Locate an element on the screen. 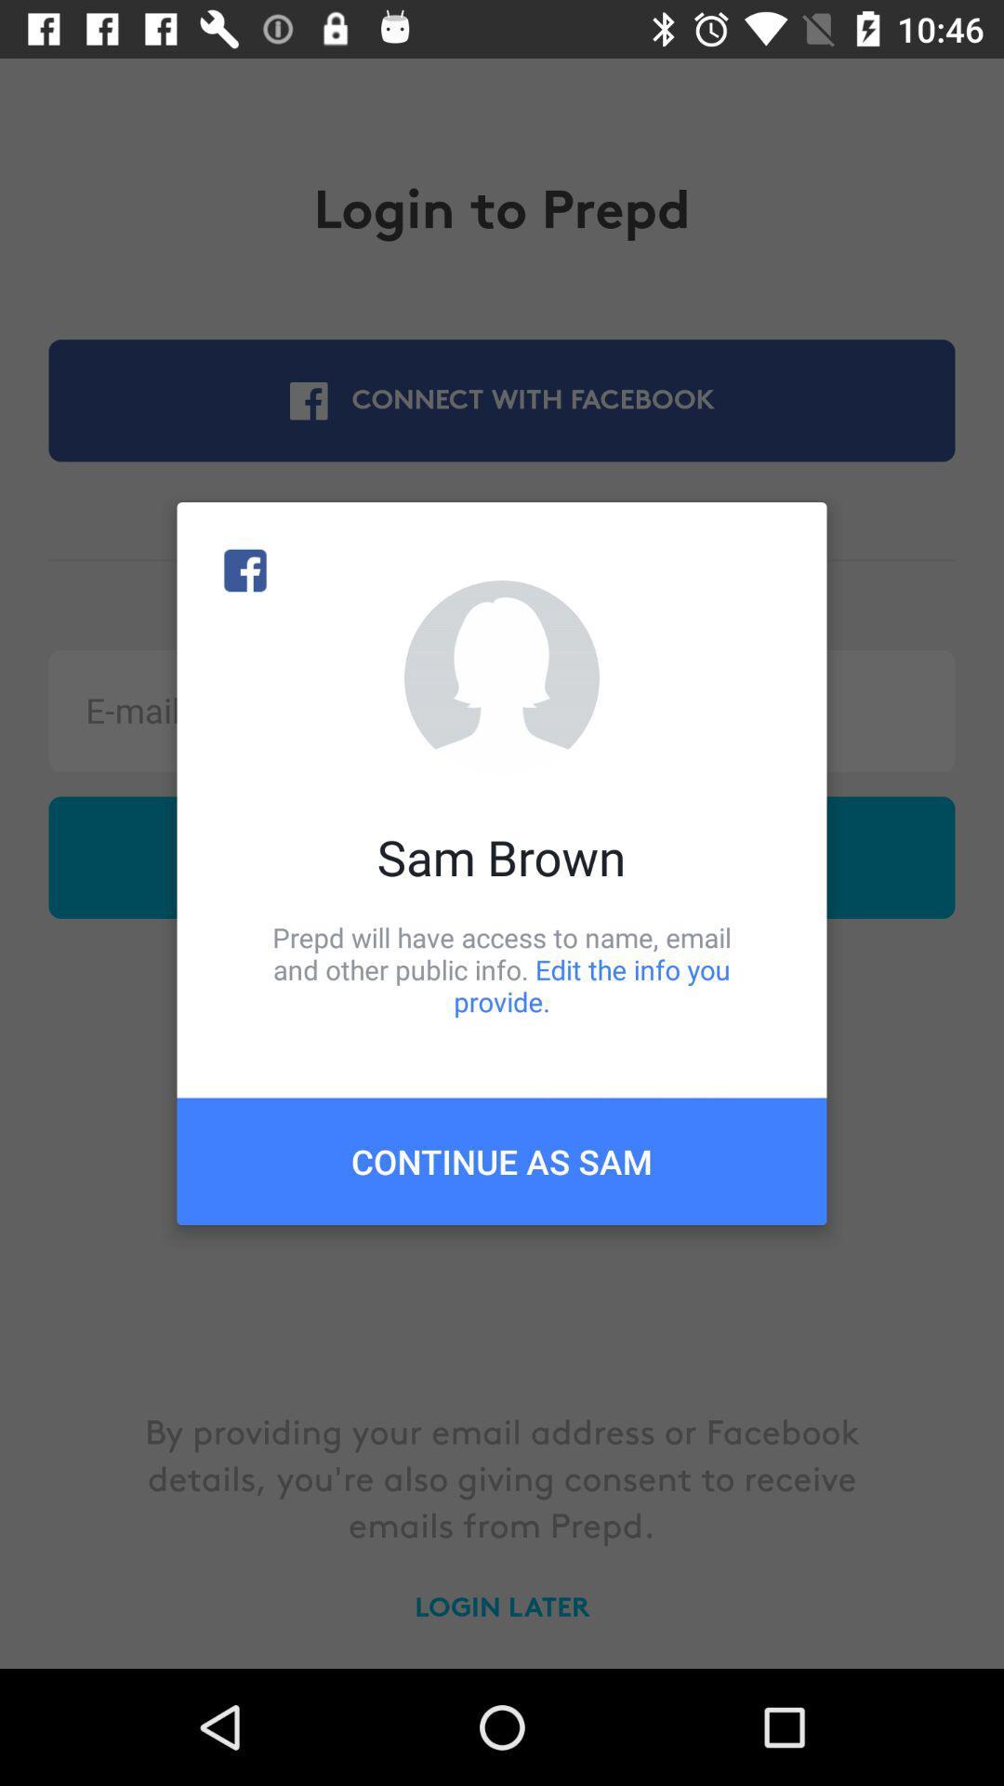 Image resolution: width=1004 pixels, height=1786 pixels. the prepd will have icon is located at coordinates (502, 968).